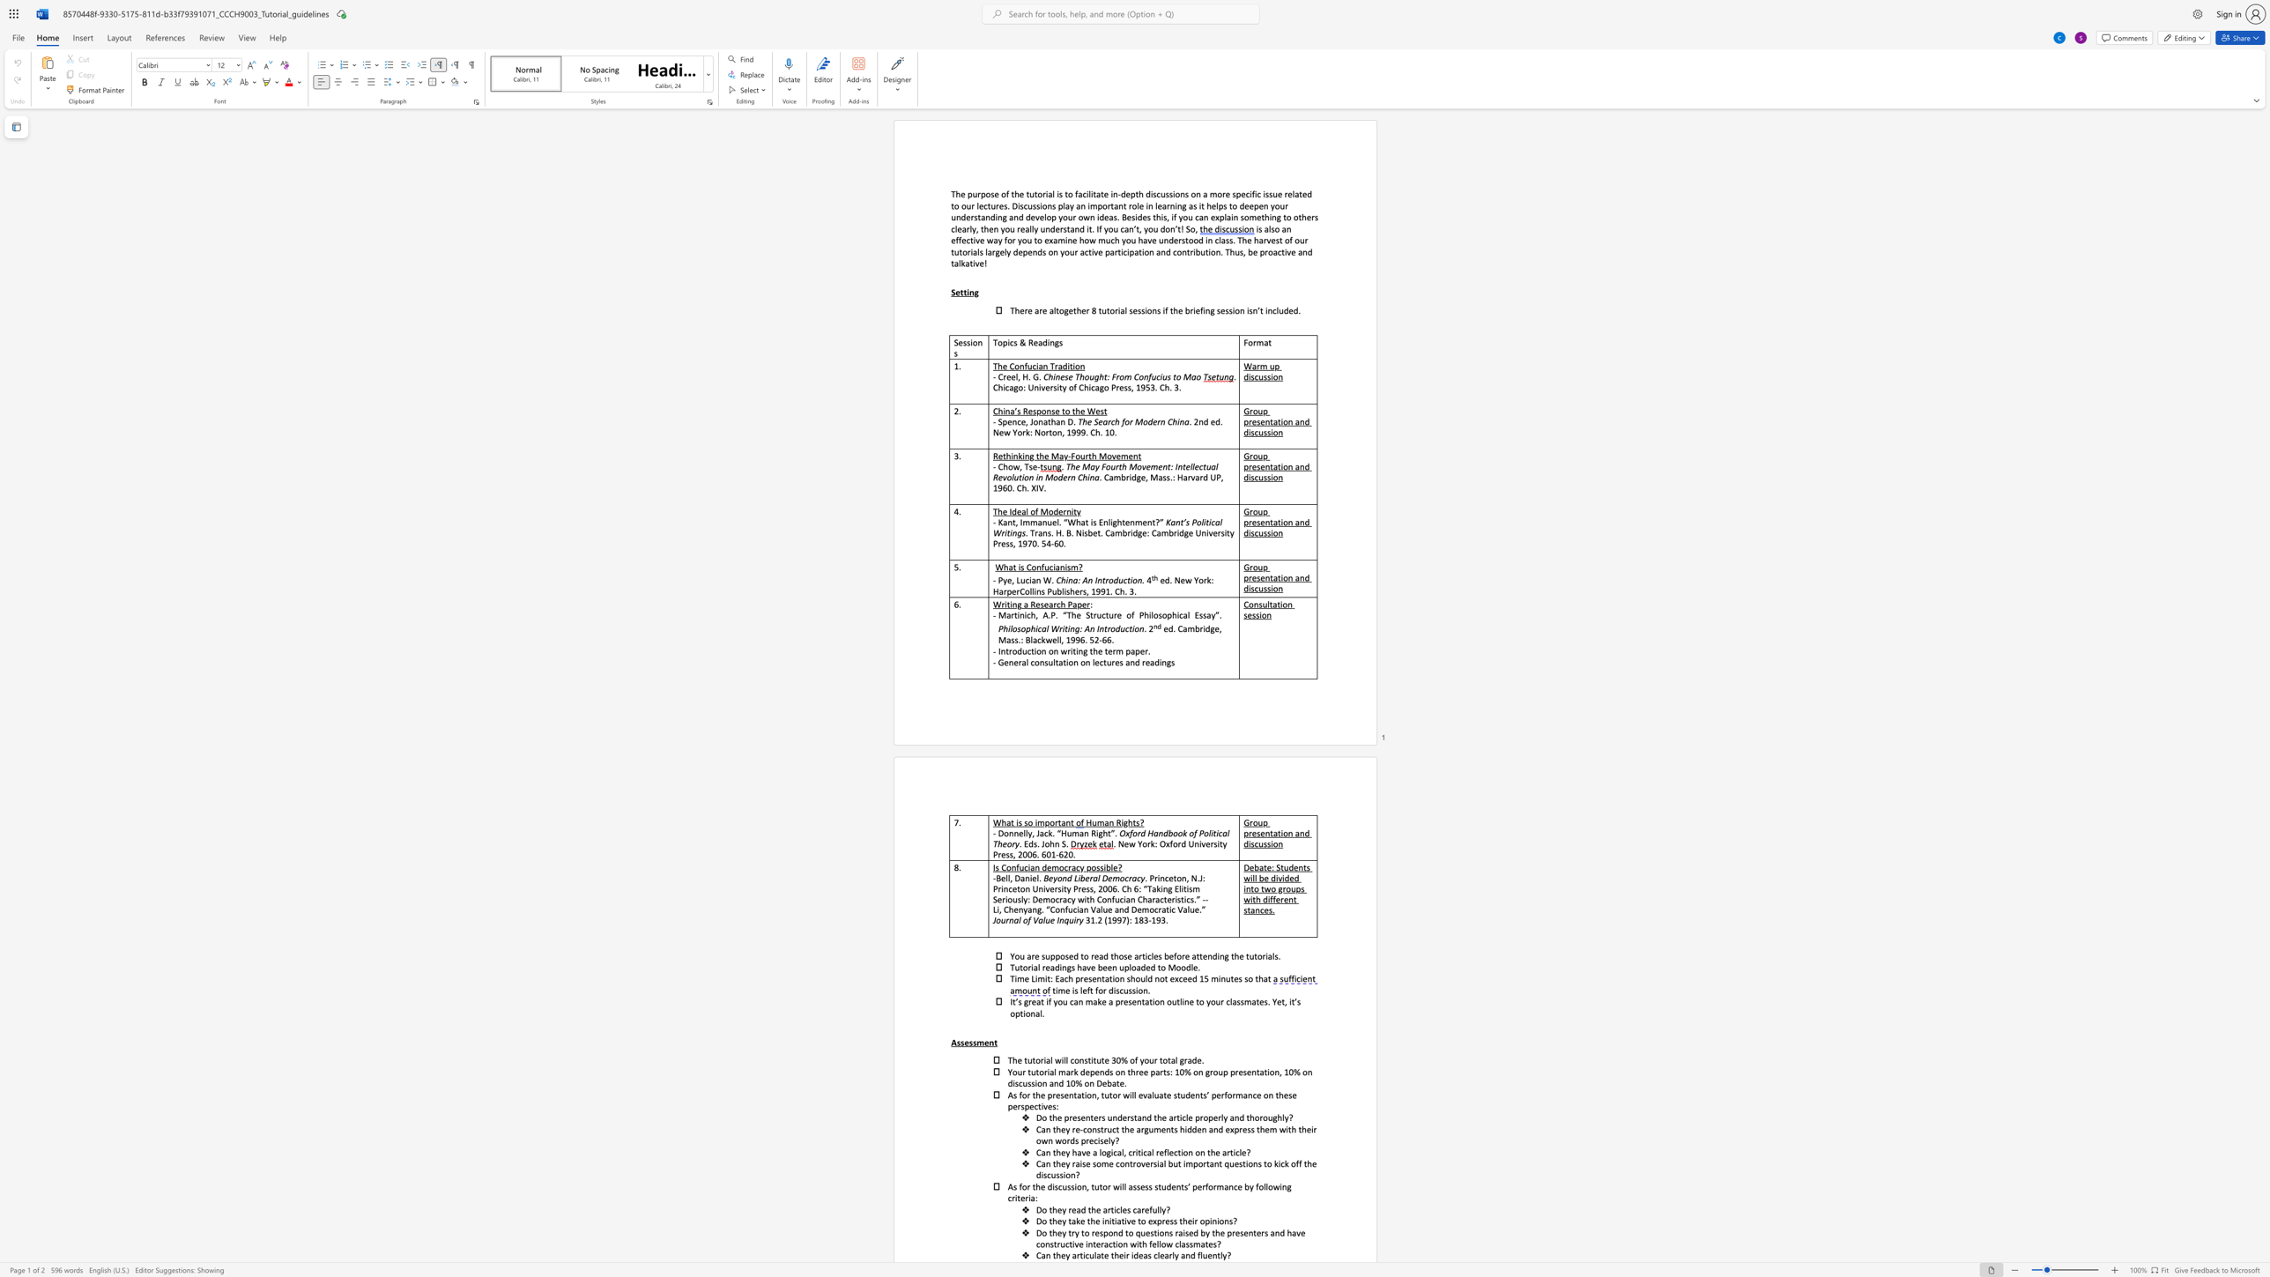  I want to click on the 1th character "r" in the text, so click(979, 193).